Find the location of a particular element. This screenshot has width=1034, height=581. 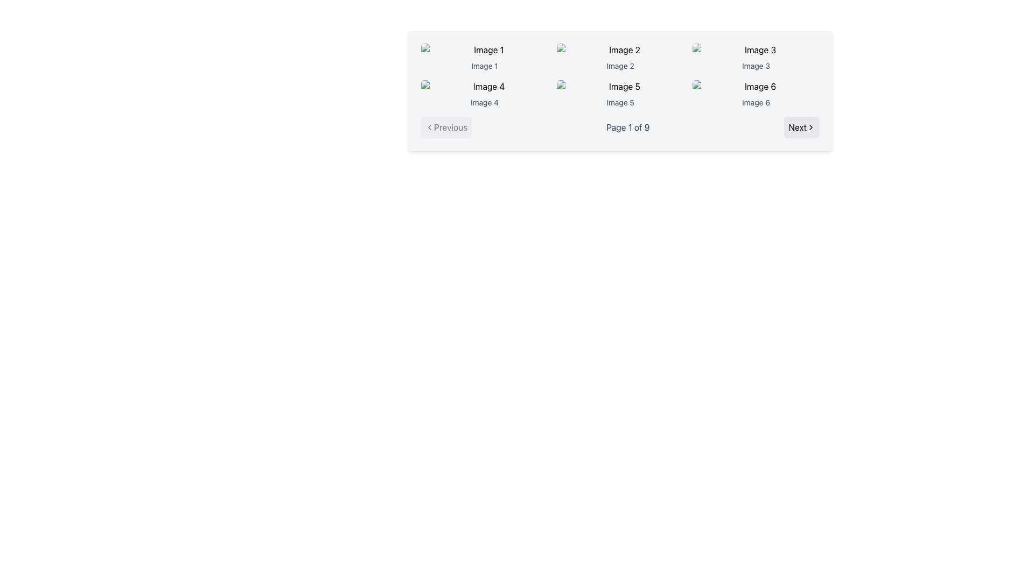

the image placeholder showing a broken image icon with alt-text 'Image 6' located is located at coordinates (755, 86).